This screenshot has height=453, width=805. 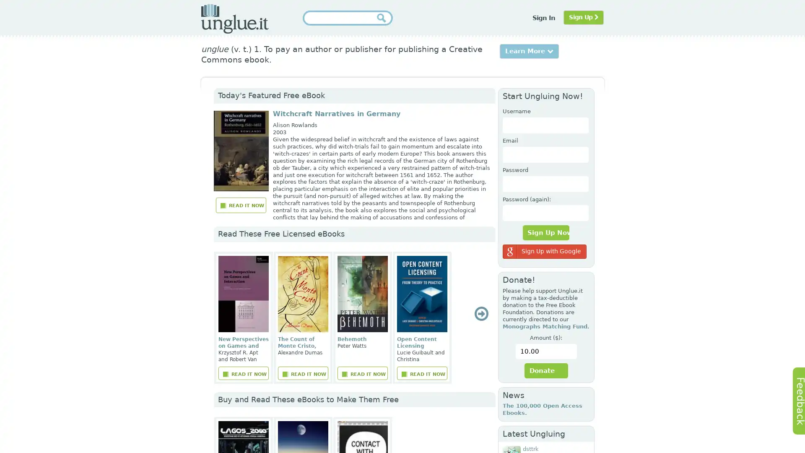 I want to click on Donate, so click(x=545, y=370).